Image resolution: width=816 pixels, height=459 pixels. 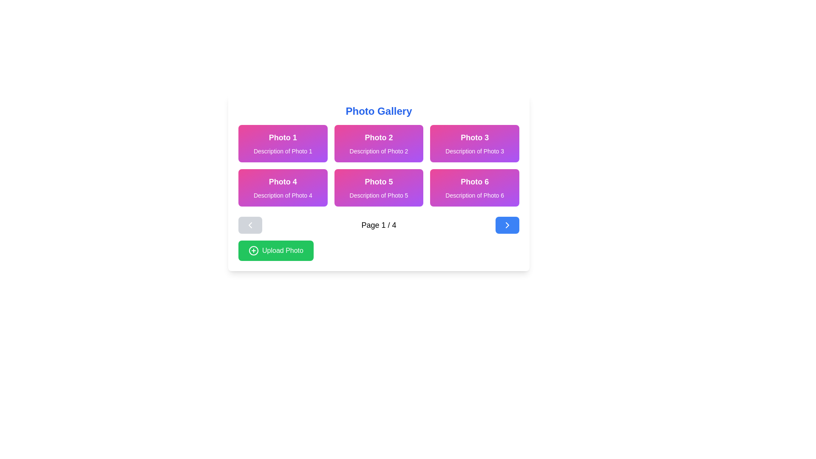 I want to click on the right arrow icon inside the blue button located in the lower right corner of the interface, so click(x=507, y=224).